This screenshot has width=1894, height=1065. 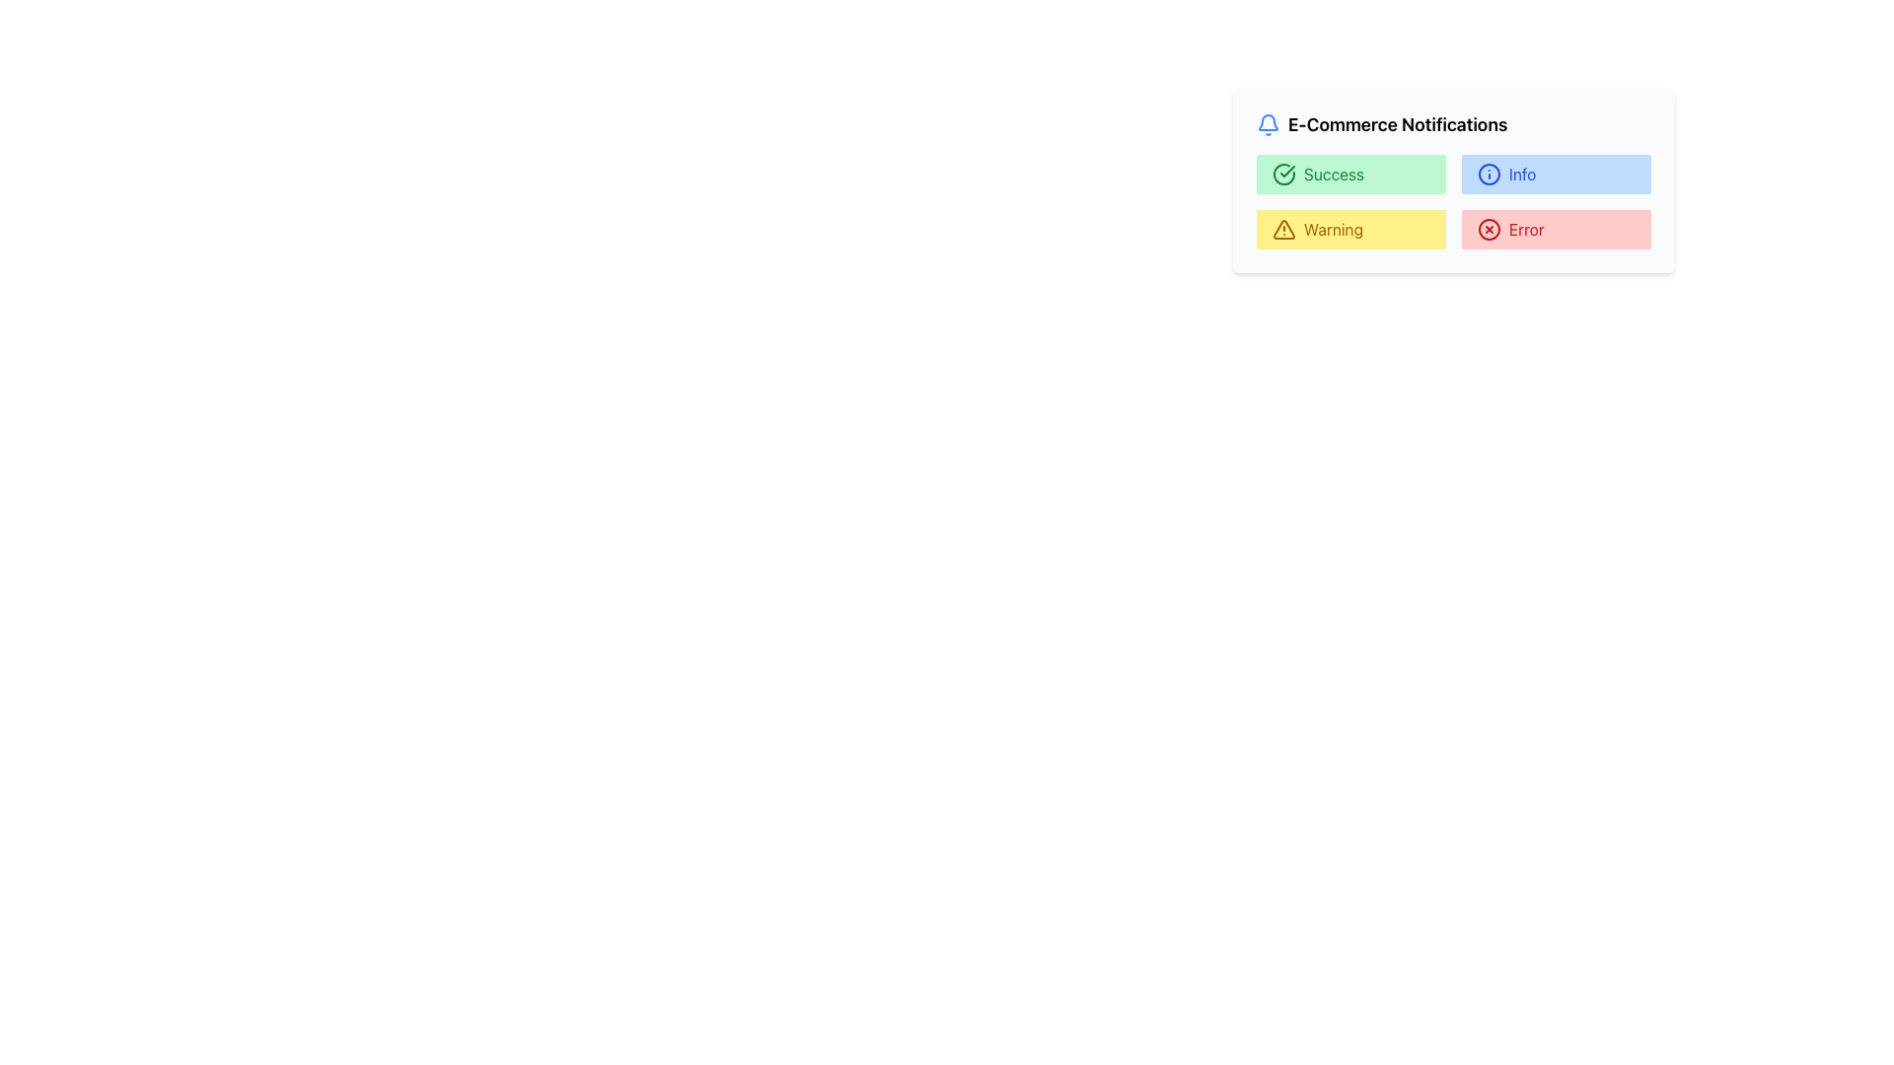 I want to click on the Header with Icon that features a blue bell icon and the text 'E-Commerce Notifications' aligned horizontally at the top of the box, so click(x=1453, y=125).